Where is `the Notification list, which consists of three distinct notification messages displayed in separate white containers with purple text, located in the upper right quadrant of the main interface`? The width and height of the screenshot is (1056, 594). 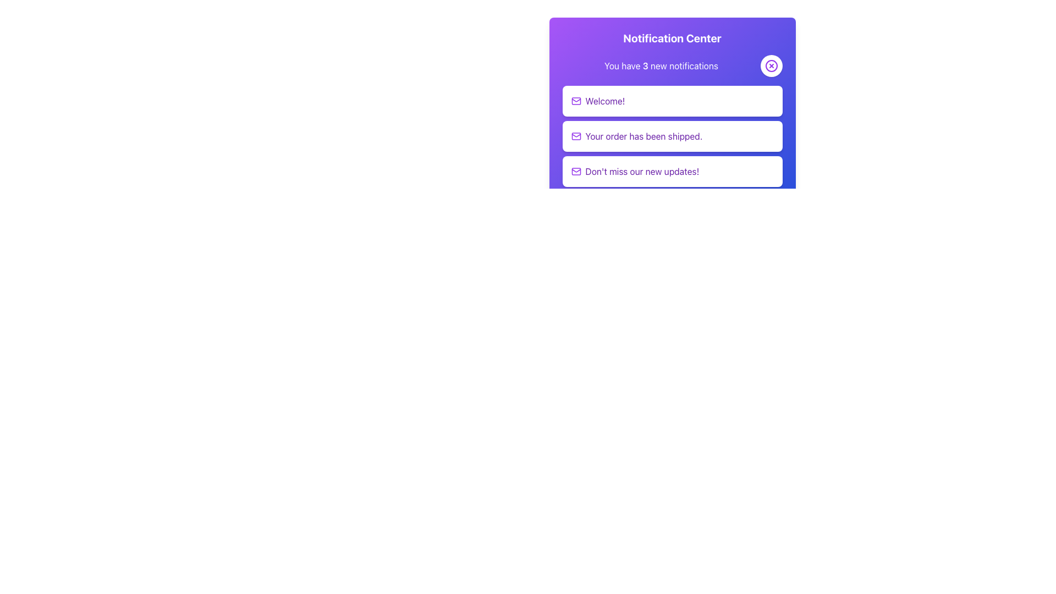 the Notification list, which consists of three distinct notification messages displayed in separate white containers with purple text, located in the upper right quadrant of the main interface is located at coordinates (672, 135).